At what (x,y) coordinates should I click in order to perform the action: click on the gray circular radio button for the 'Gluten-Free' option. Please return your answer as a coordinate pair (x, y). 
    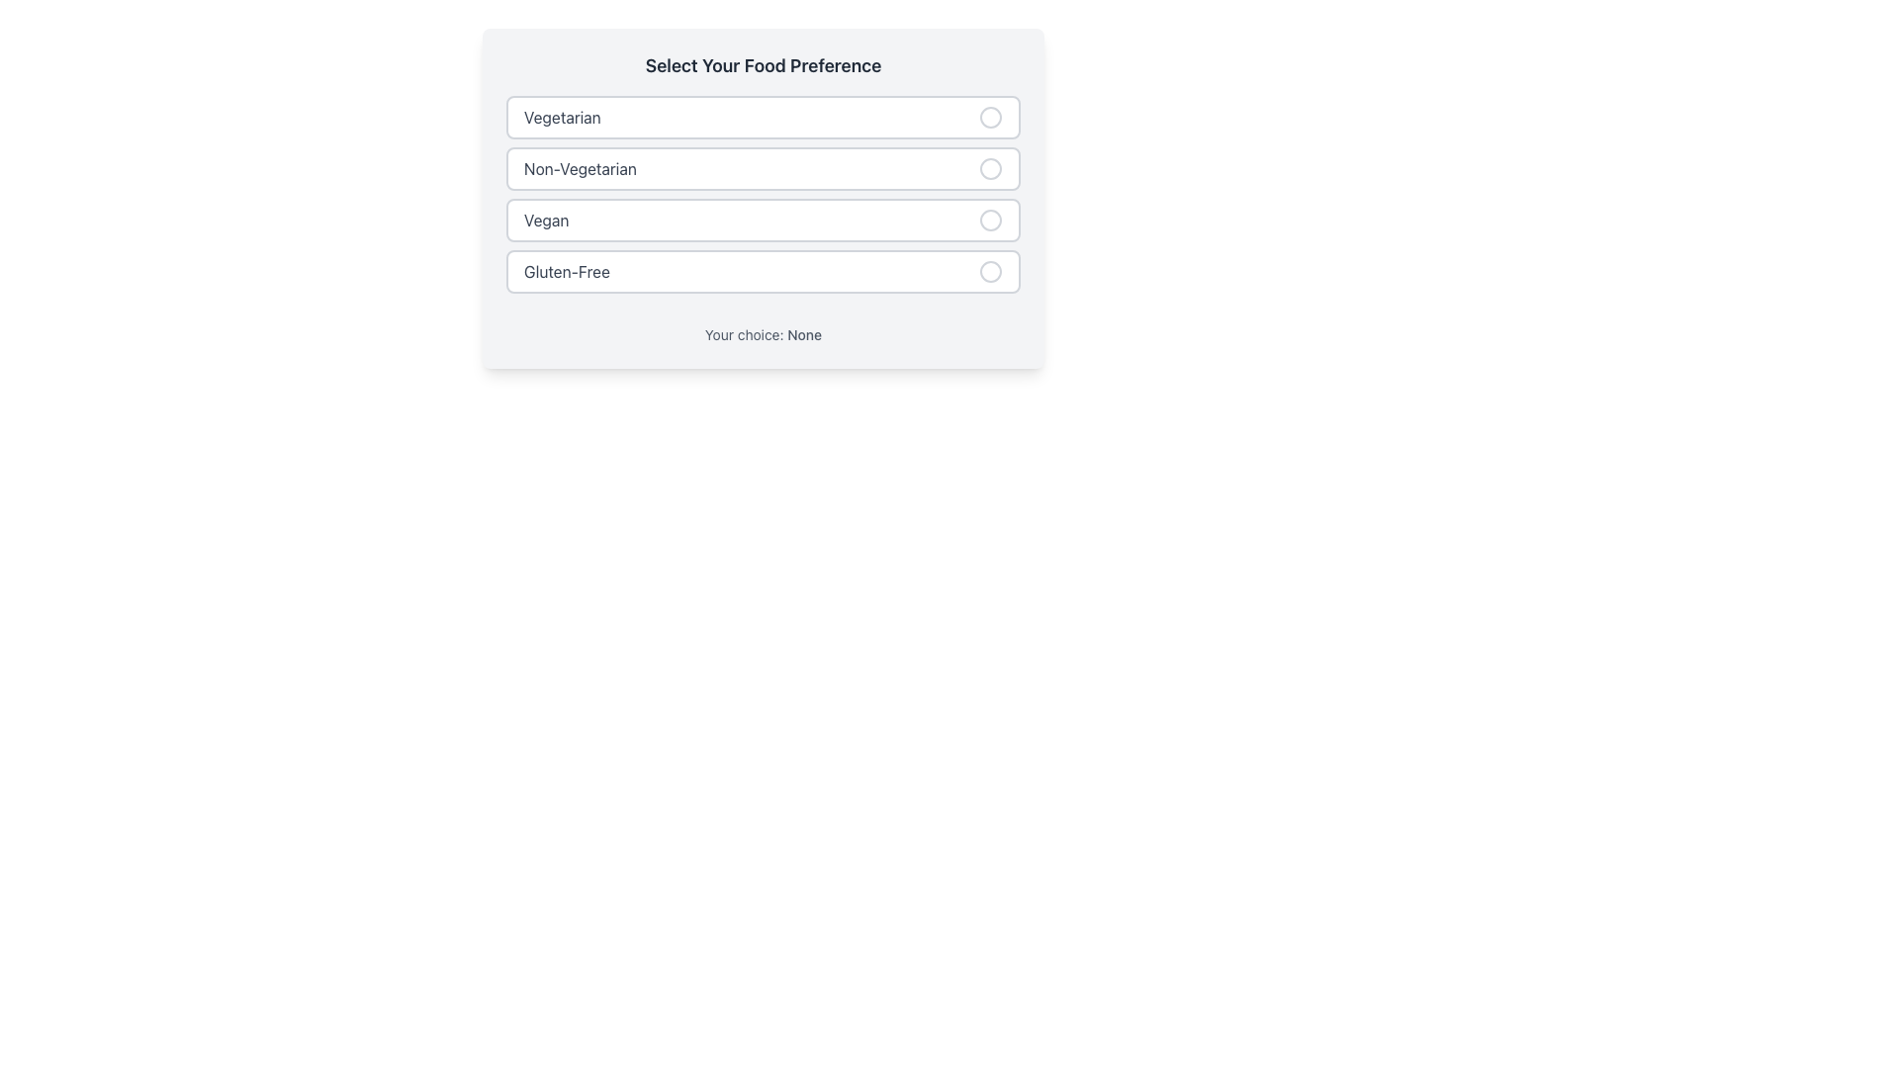
    Looking at the image, I should click on (991, 271).